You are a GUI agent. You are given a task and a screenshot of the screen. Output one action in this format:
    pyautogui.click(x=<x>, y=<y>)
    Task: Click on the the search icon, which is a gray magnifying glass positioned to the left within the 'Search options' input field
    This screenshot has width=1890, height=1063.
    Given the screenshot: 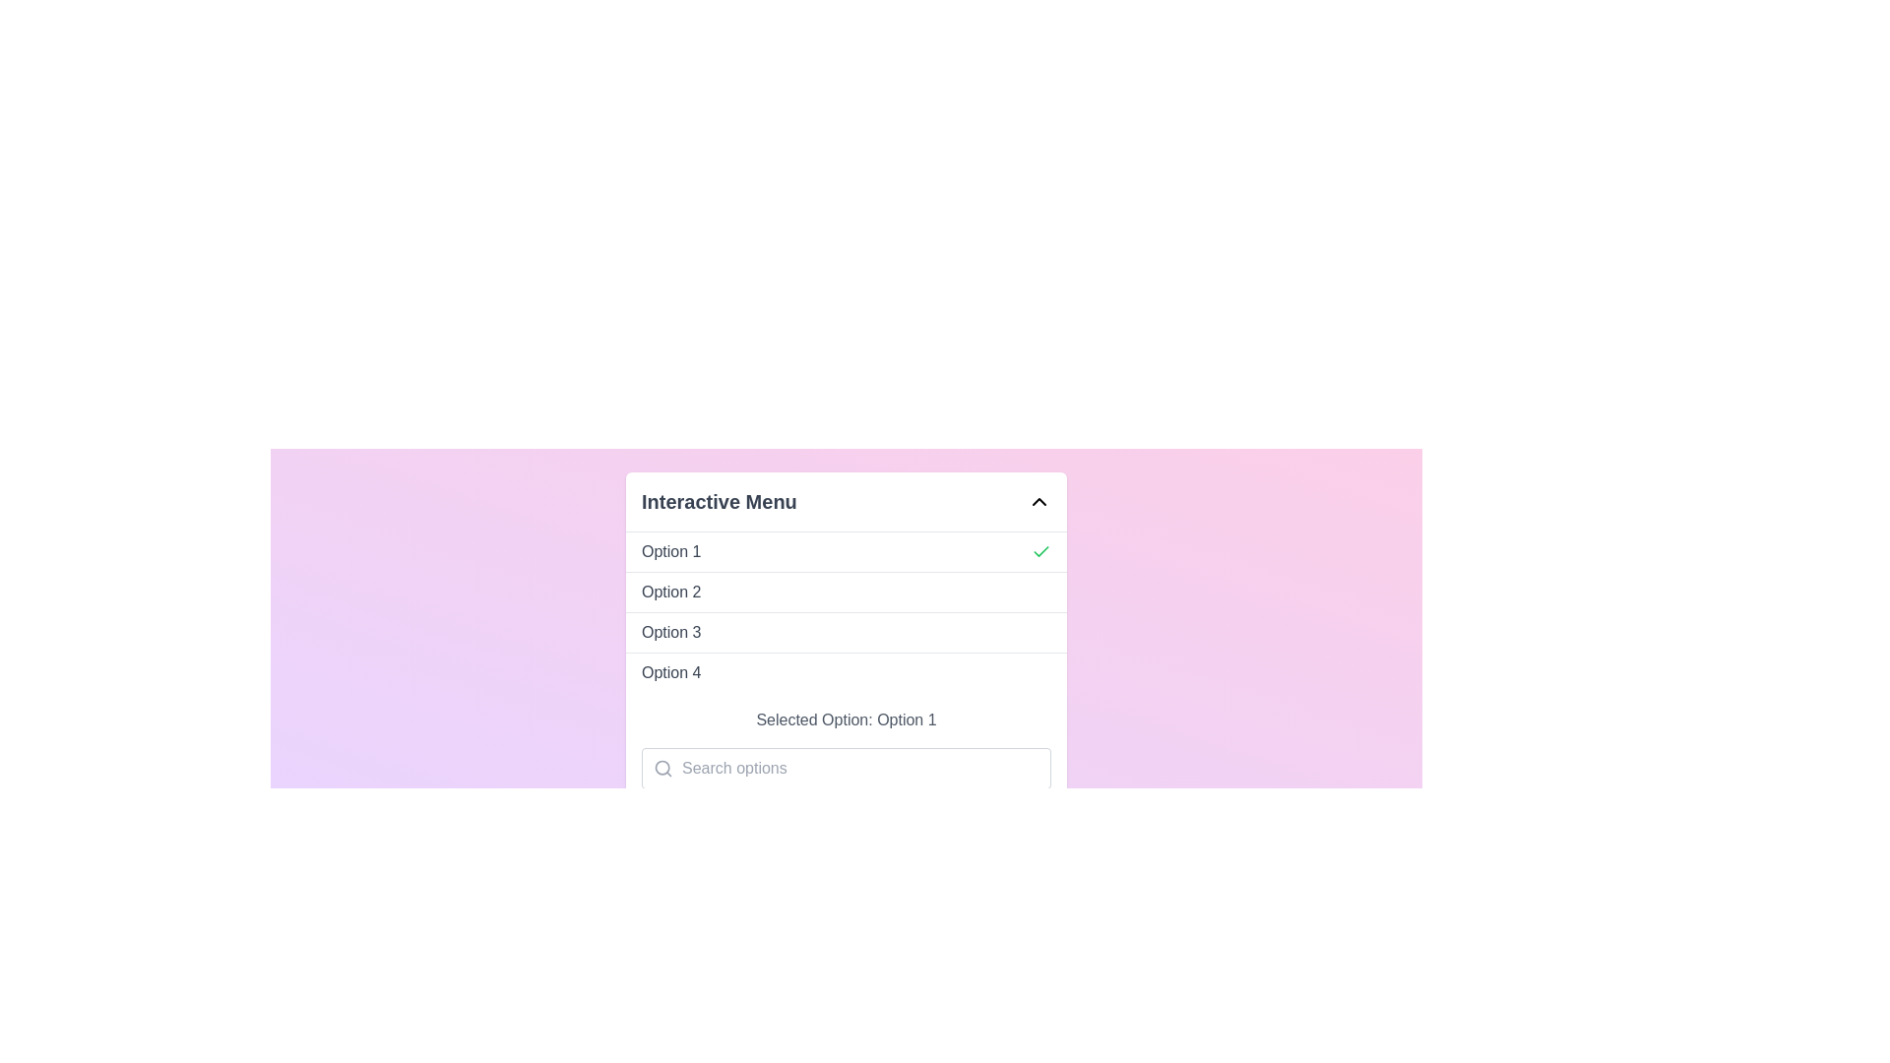 What is the action you would take?
    pyautogui.click(x=657, y=767)
    